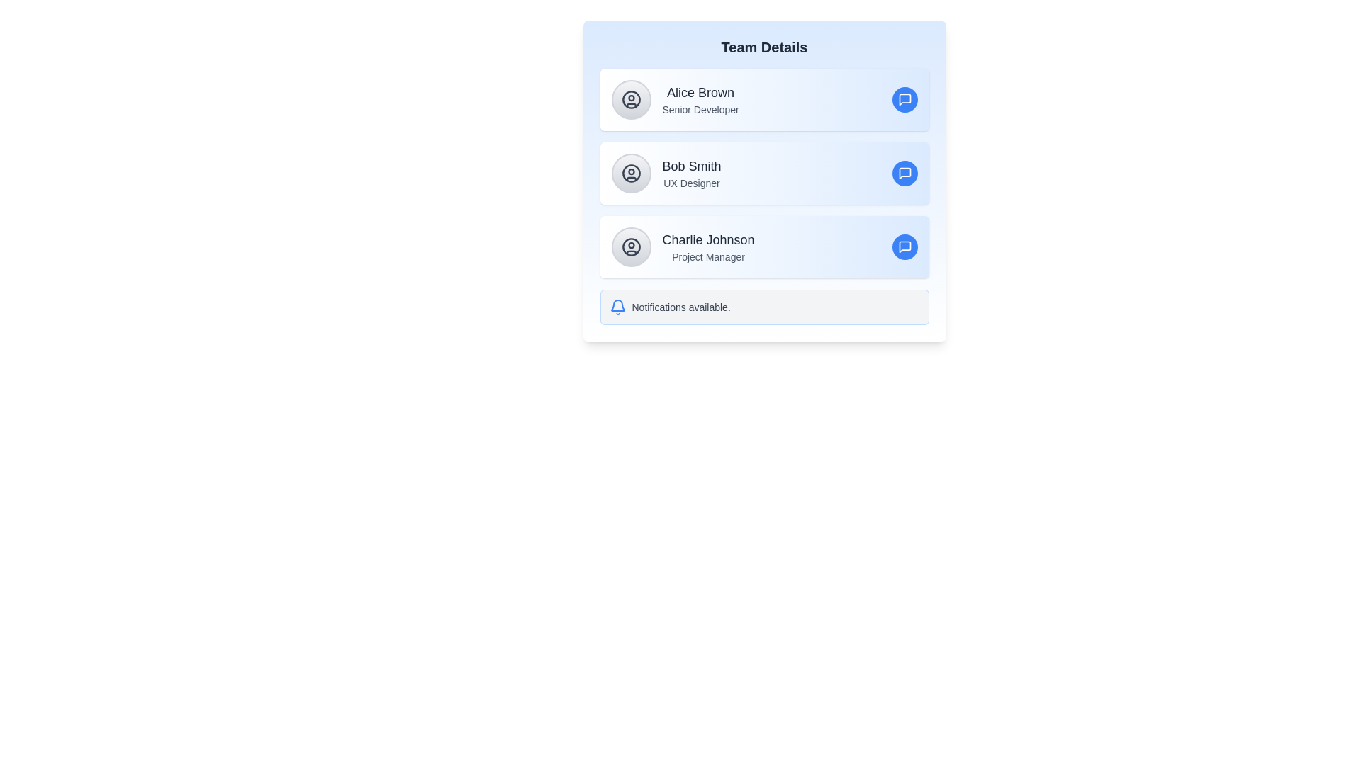 Image resolution: width=1361 pixels, height=765 pixels. I want to click on the third speech bubble icon button associated with 'Charlie Johnson', labeled as 'Project Manager', so click(904, 246).